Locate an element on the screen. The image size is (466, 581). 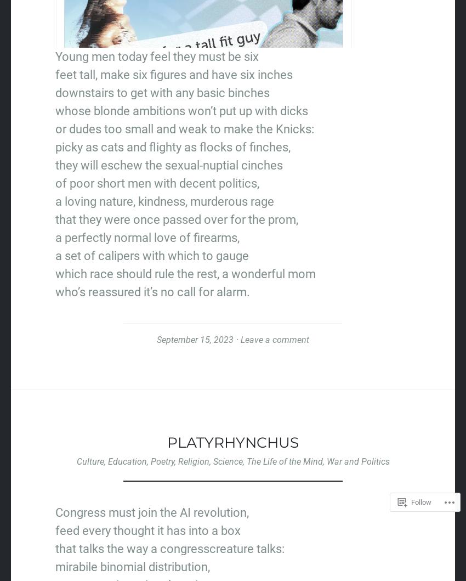
'Culture' is located at coordinates (89, 461).